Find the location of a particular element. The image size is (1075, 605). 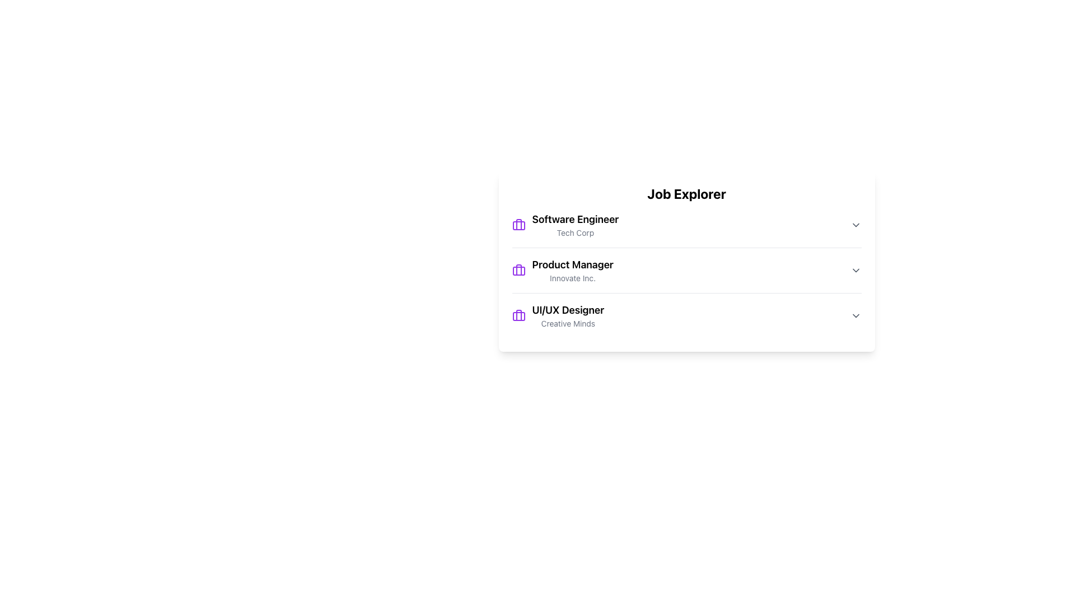

the job listing labeled 'Software Engineer' at 'Tech Corp' located at the top of the 'Job Explorer' section is located at coordinates (575, 225).